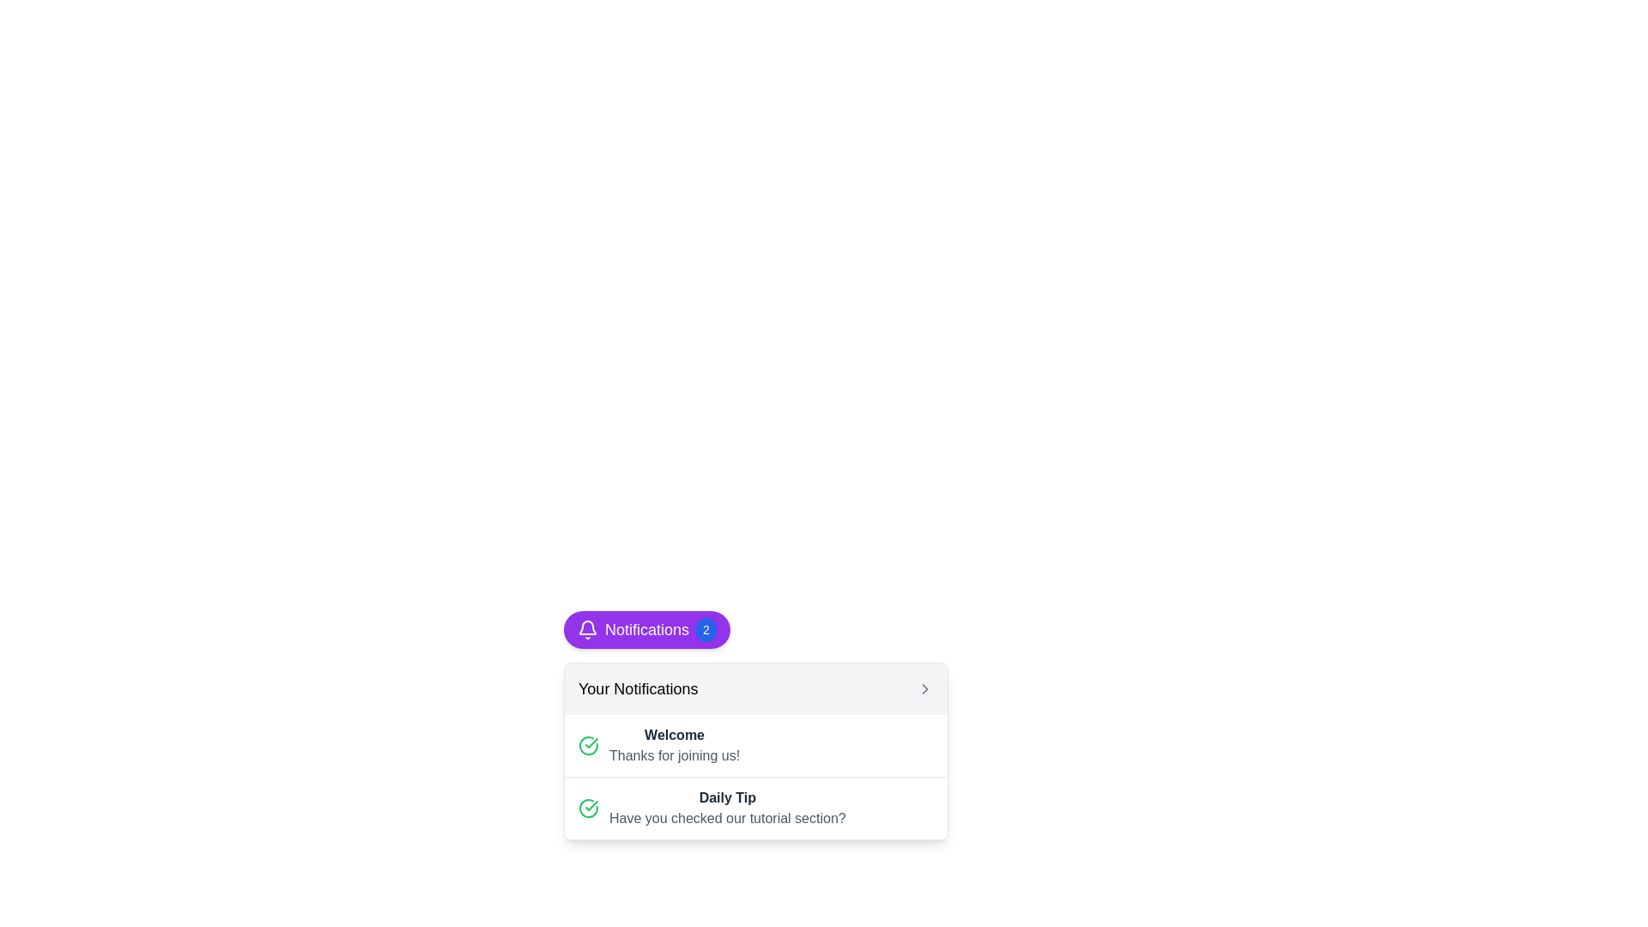  What do you see at coordinates (727, 808) in the screenshot?
I see `the static notification text block displaying 'Daily Tip' with the message 'Have you checked our tutorial section?' located beneath the 'Welcome' notification in the dropdown panel` at bounding box center [727, 808].